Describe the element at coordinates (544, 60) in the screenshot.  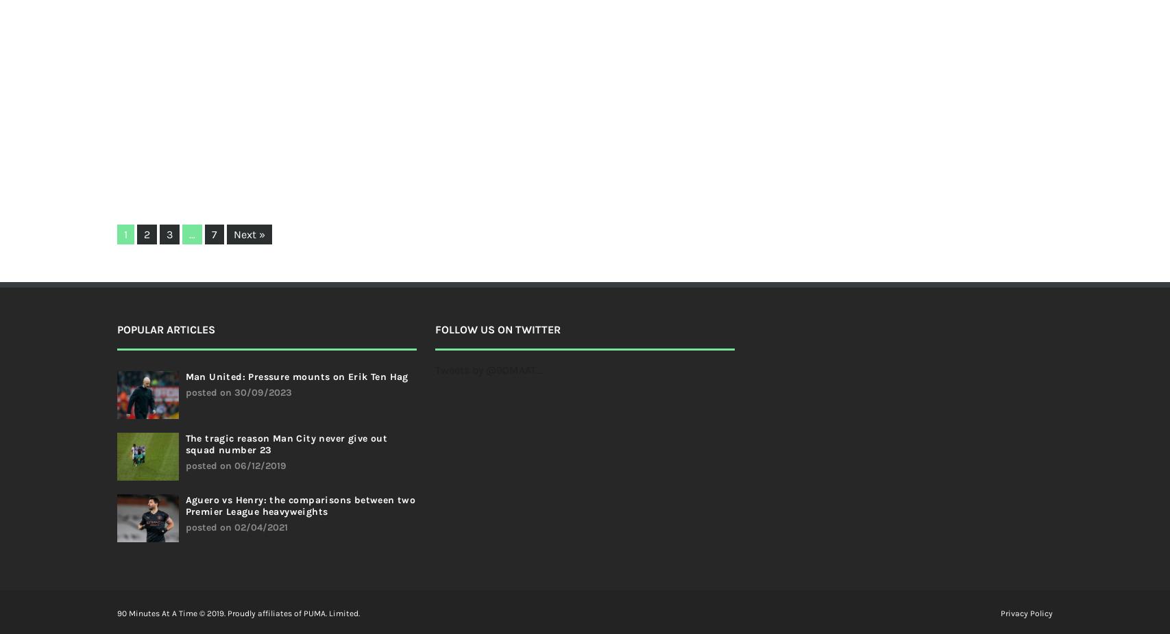
I see `'Thomas Tuchel: the German genius engineering Chelsea into winners'` at that location.